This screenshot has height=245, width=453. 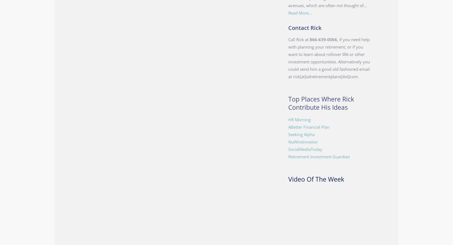 What do you see at coordinates (288, 141) in the screenshot?
I see `'NuWireInvestor'` at bounding box center [288, 141].